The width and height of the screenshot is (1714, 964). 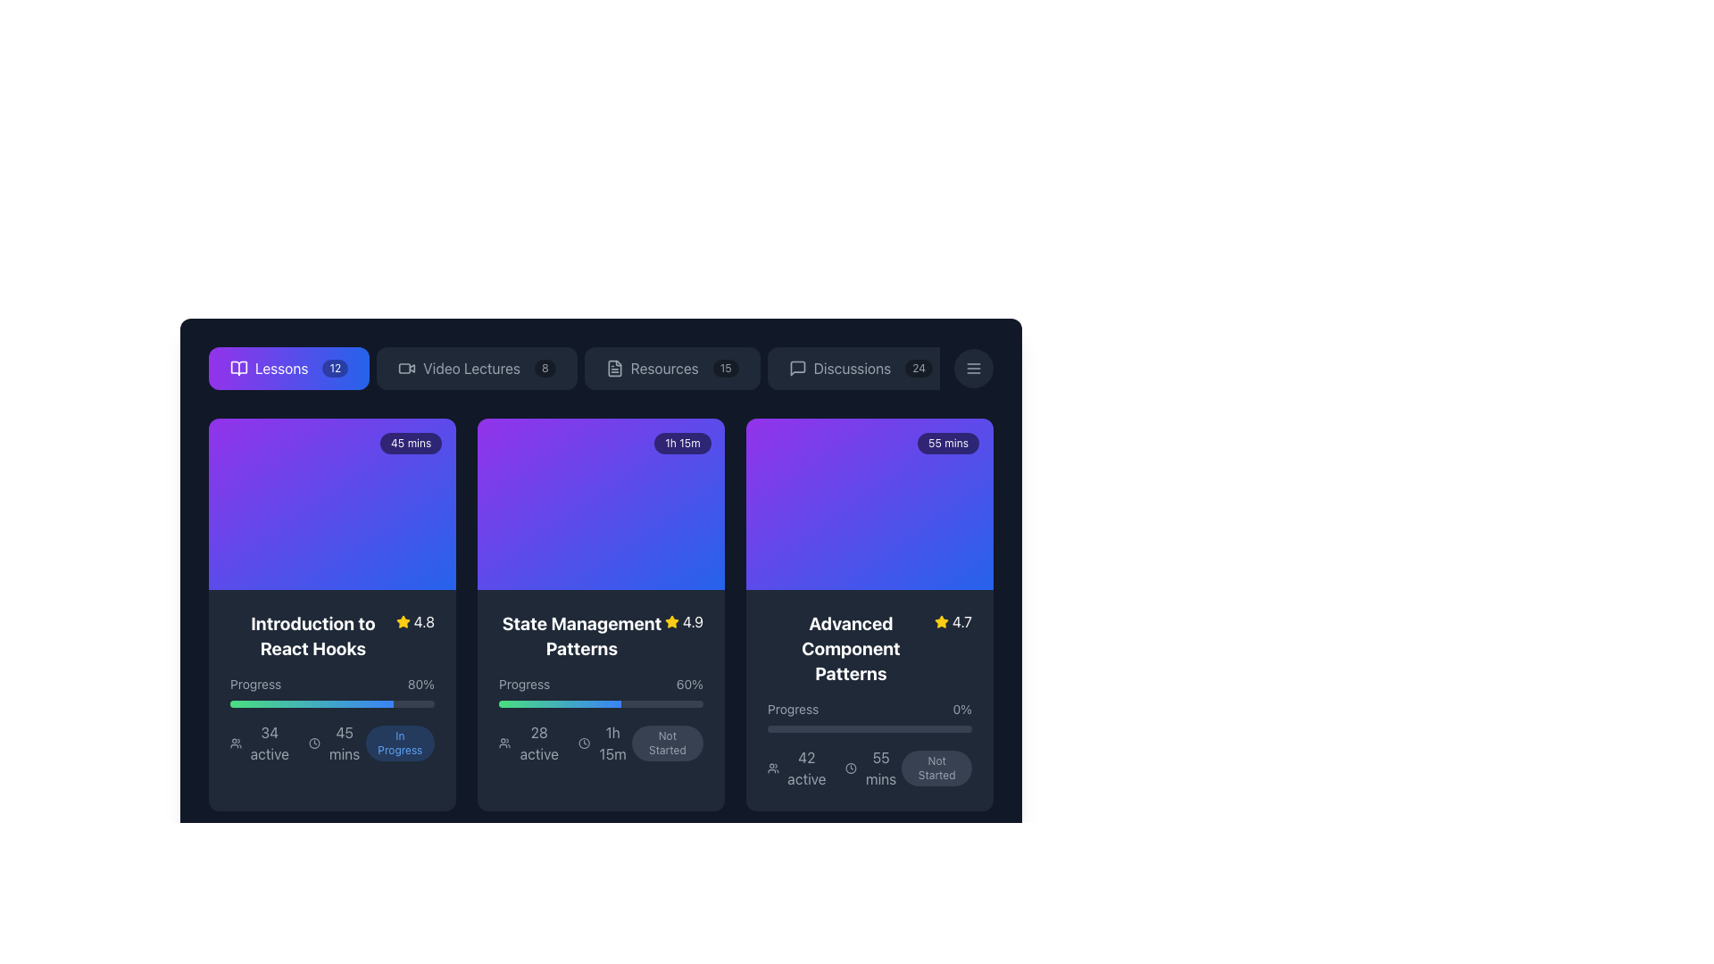 What do you see at coordinates (688, 684) in the screenshot?
I see `text label displaying '60%' located in the bottom-right corner of the second card within the 'State Management Patterns' section` at bounding box center [688, 684].